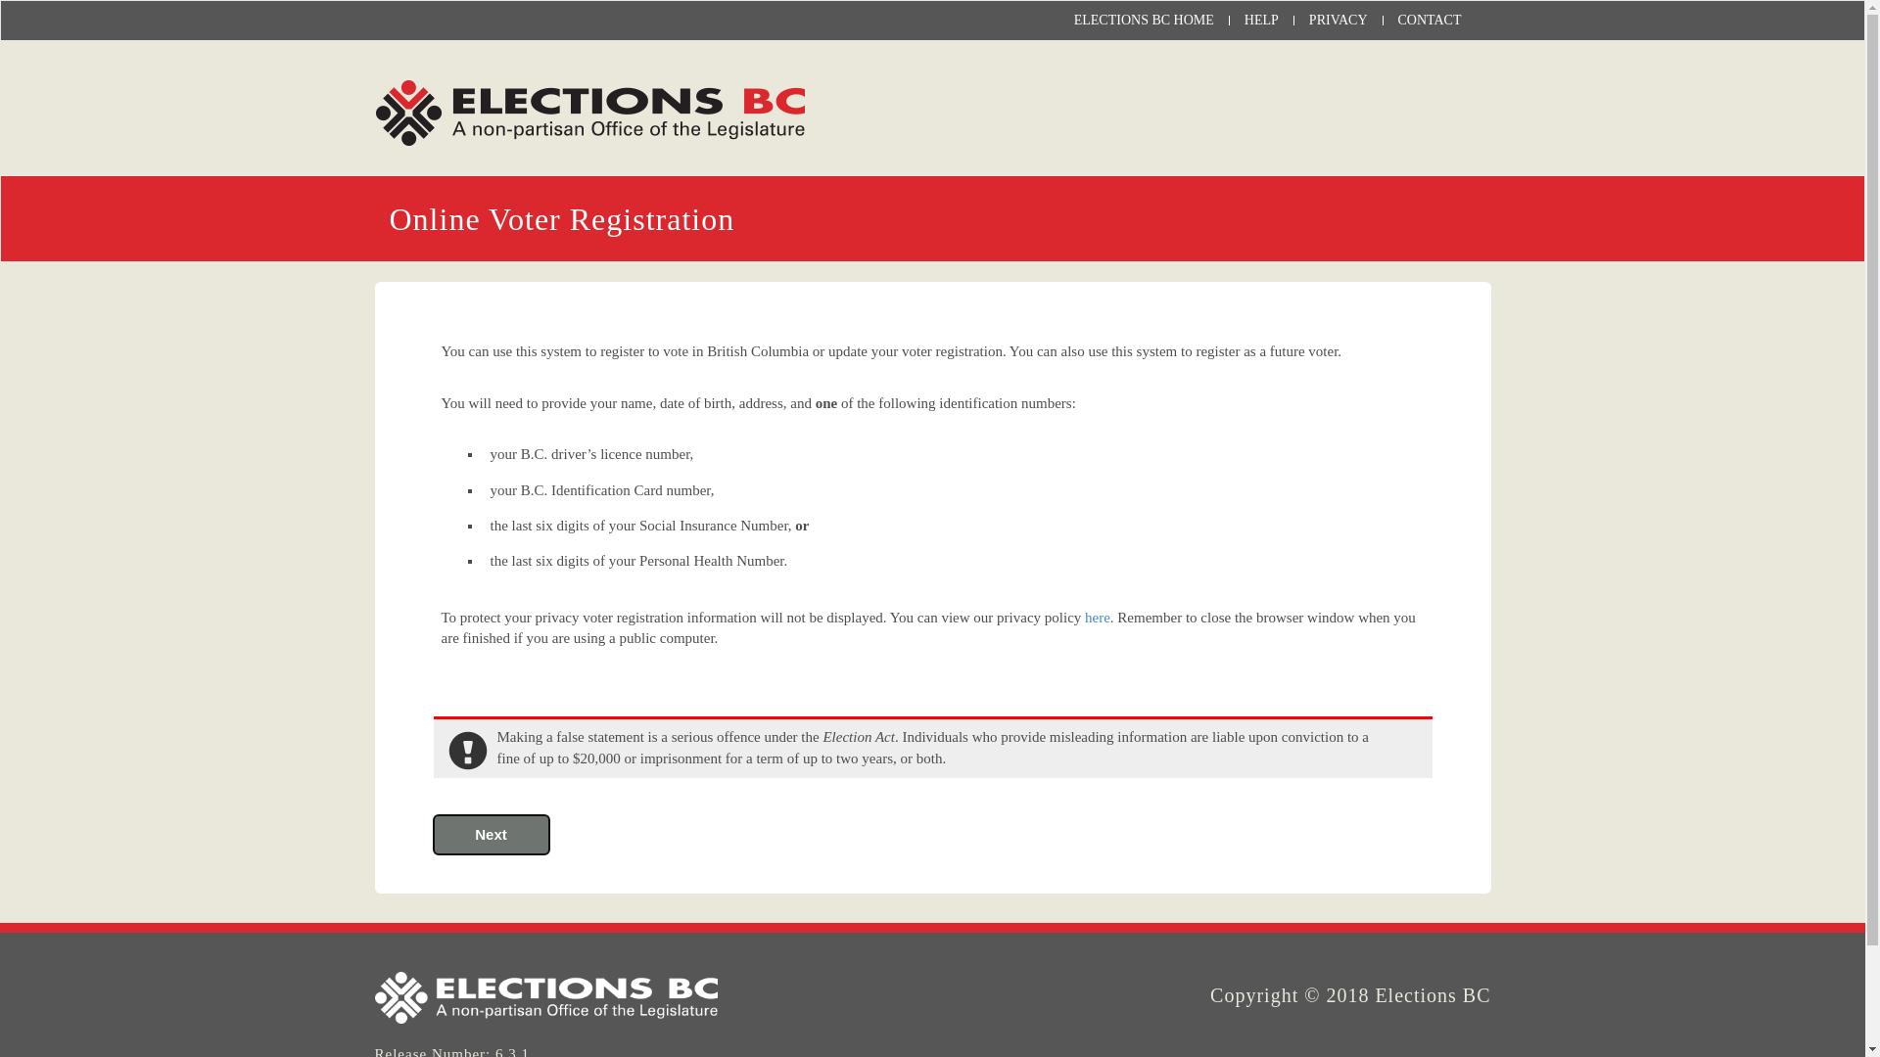 The width and height of the screenshot is (1880, 1057). What do you see at coordinates (1429, 20) in the screenshot?
I see `'CONTACT'` at bounding box center [1429, 20].